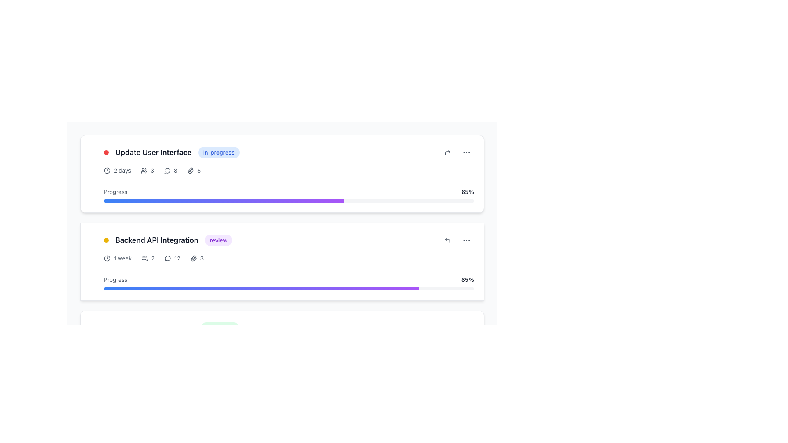 This screenshot has height=443, width=788. What do you see at coordinates (117, 170) in the screenshot?
I see `the time information displayed in the temporal status Icon and text label grouping located in the top-left section of the 'Update User Interface' card` at bounding box center [117, 170].